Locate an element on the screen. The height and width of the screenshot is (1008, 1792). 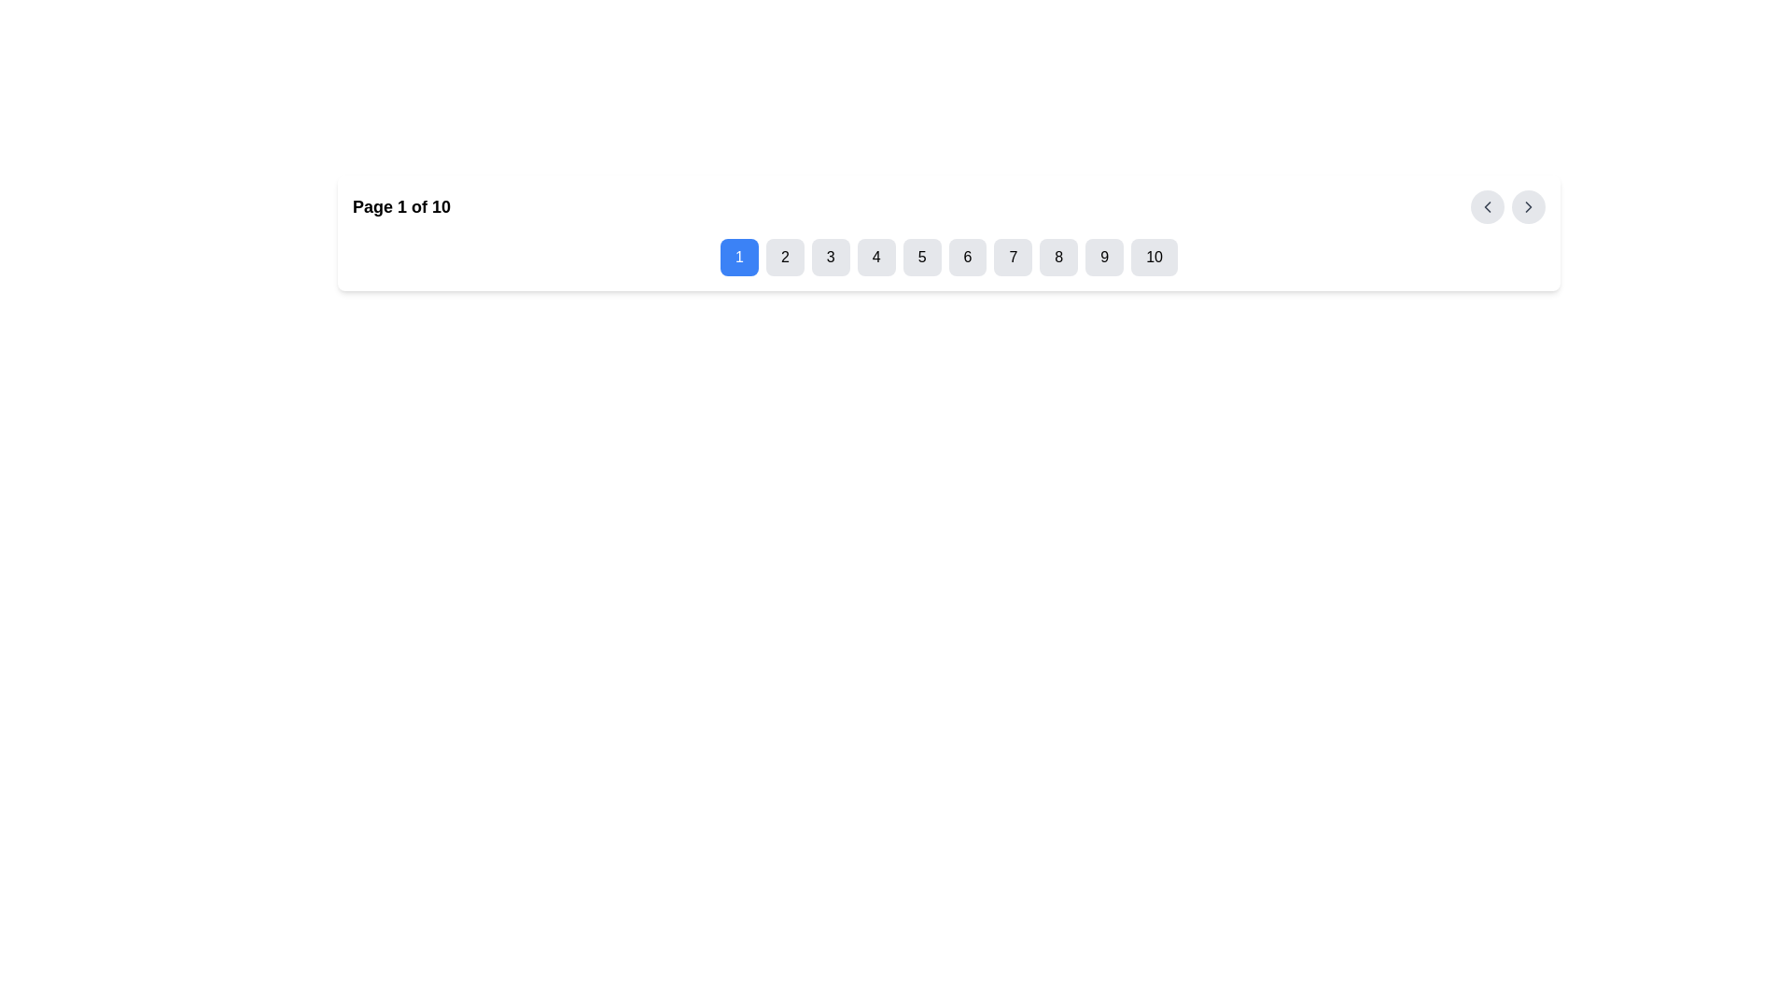
the rounded rectangular button displaying the number '2' is located at coordinates (785, 258).